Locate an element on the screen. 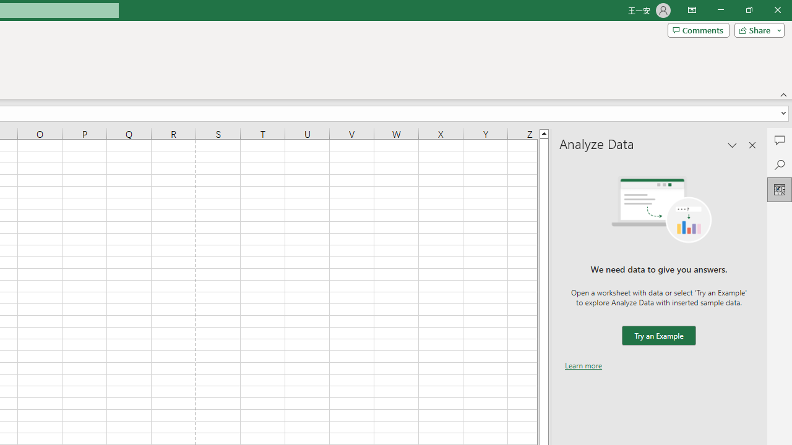 The height and width of the screenshot is (445, 792). 'We need data to give you answers. Try an Example' is located at coordinates (658, 336).